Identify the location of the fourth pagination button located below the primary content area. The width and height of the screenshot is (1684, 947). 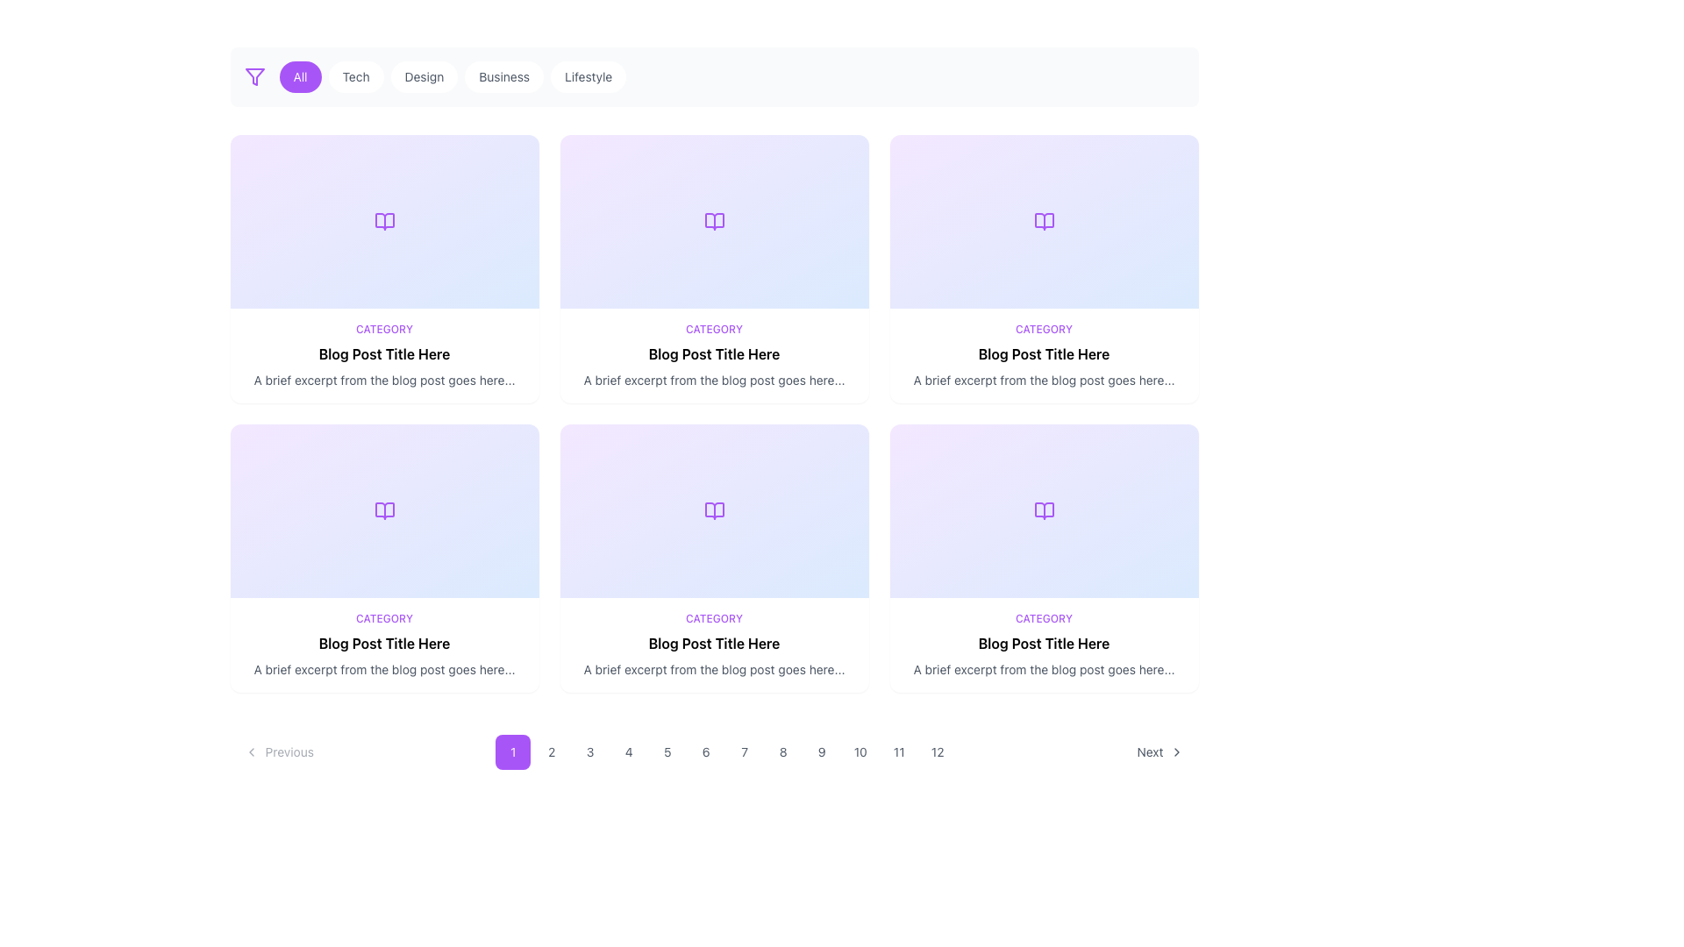
(629, 751).